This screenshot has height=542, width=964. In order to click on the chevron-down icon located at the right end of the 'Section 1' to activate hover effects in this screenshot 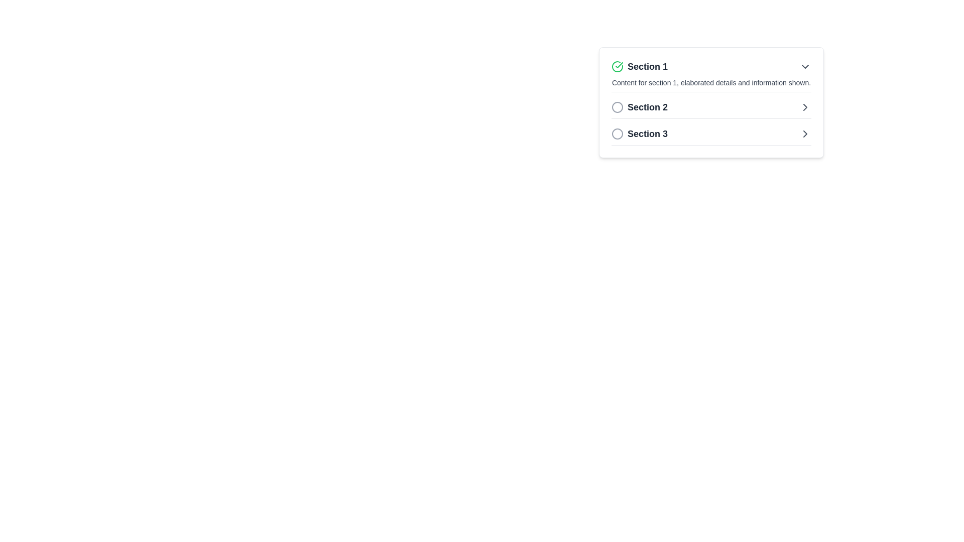, I will do `click(805, 66)`.